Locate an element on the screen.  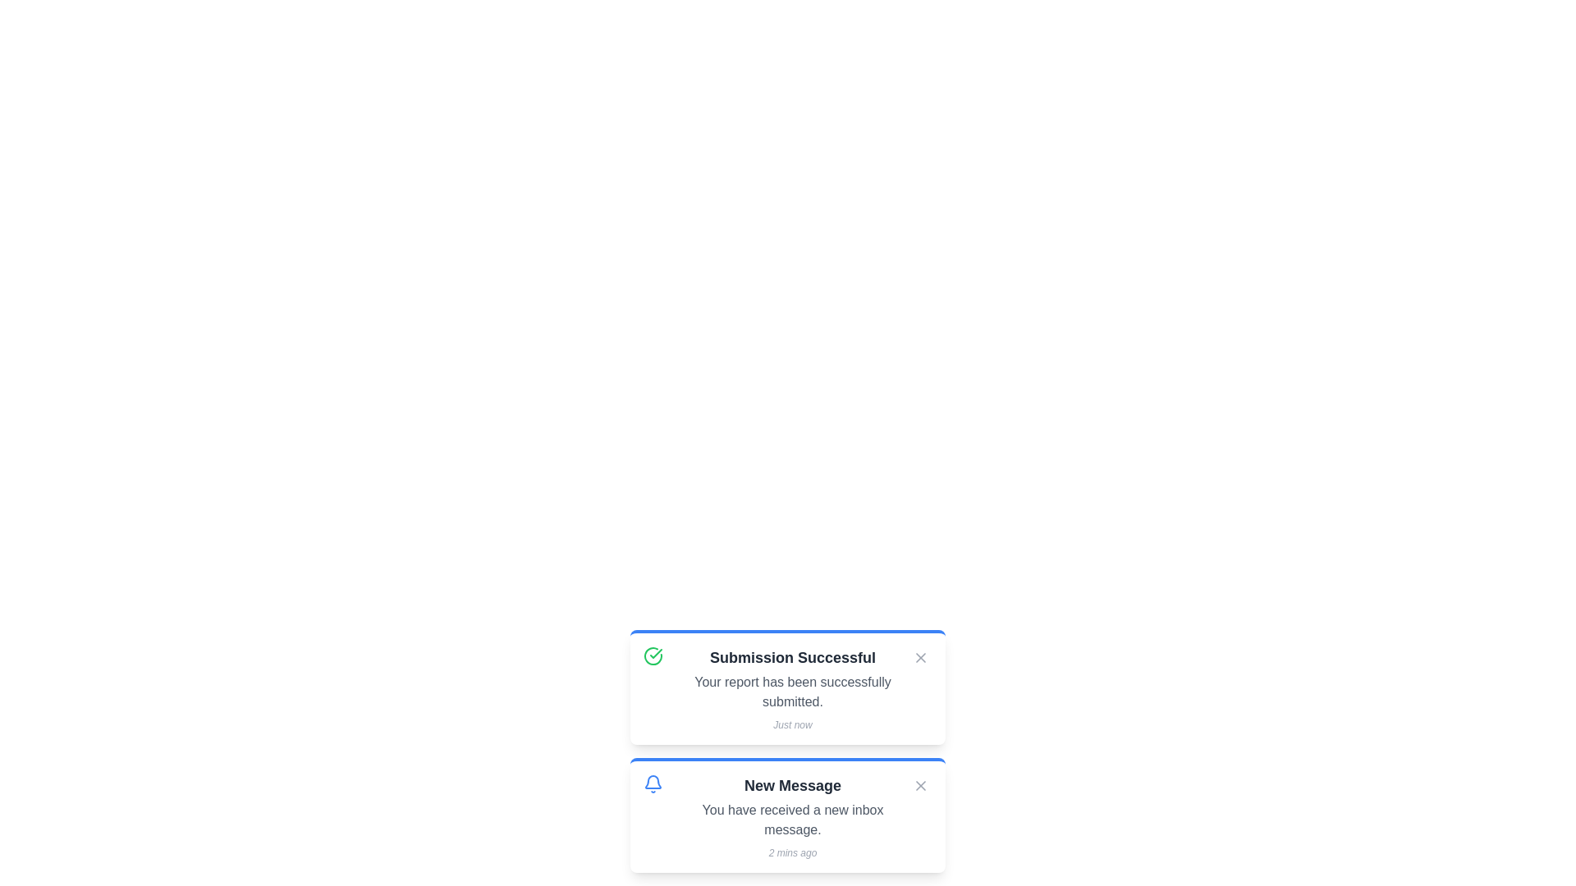
the icon representing the notification type for the first notification is located at coordinates (653, 655).